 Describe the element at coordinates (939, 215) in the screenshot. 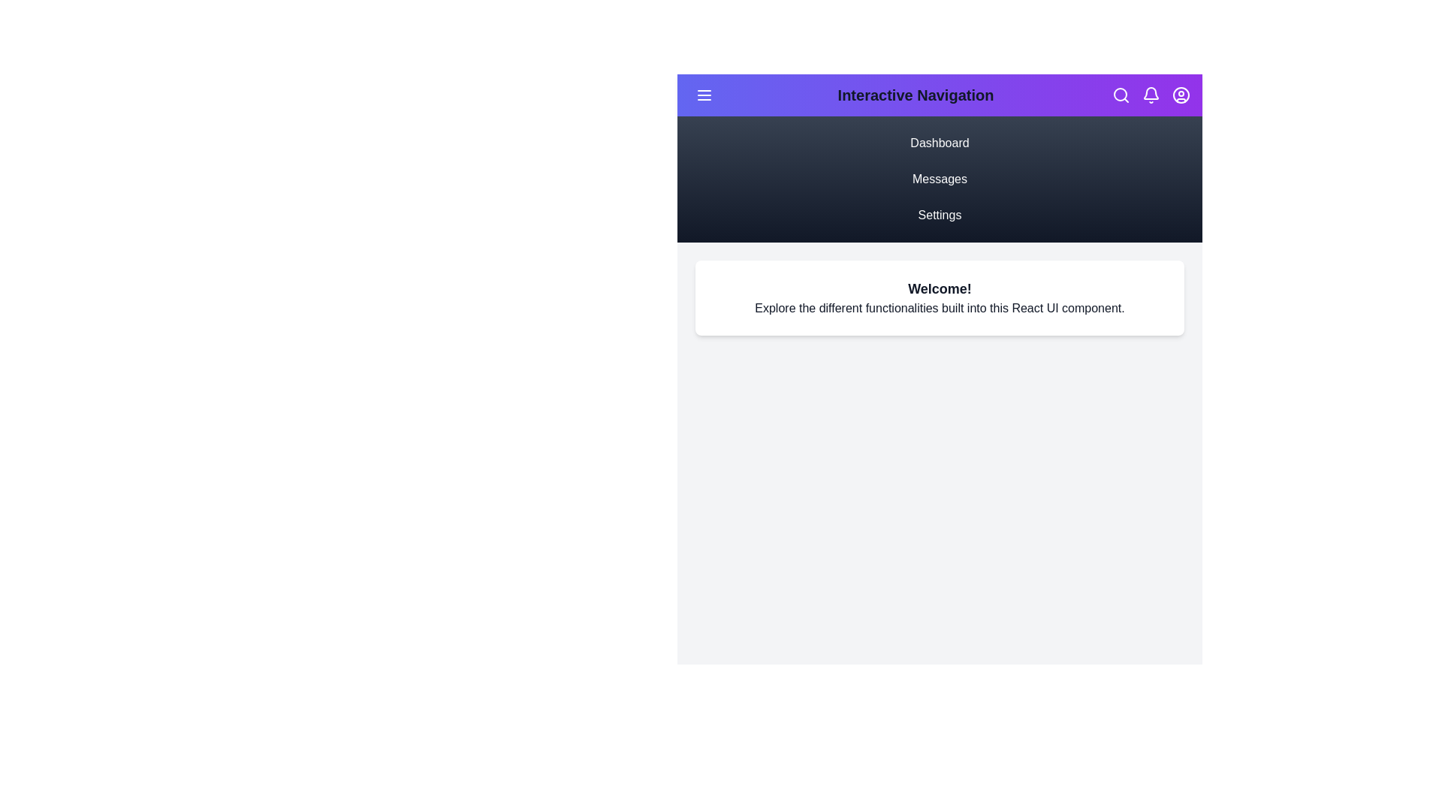

I see `the 'Settings' menu item in the navigation bar` at that location.